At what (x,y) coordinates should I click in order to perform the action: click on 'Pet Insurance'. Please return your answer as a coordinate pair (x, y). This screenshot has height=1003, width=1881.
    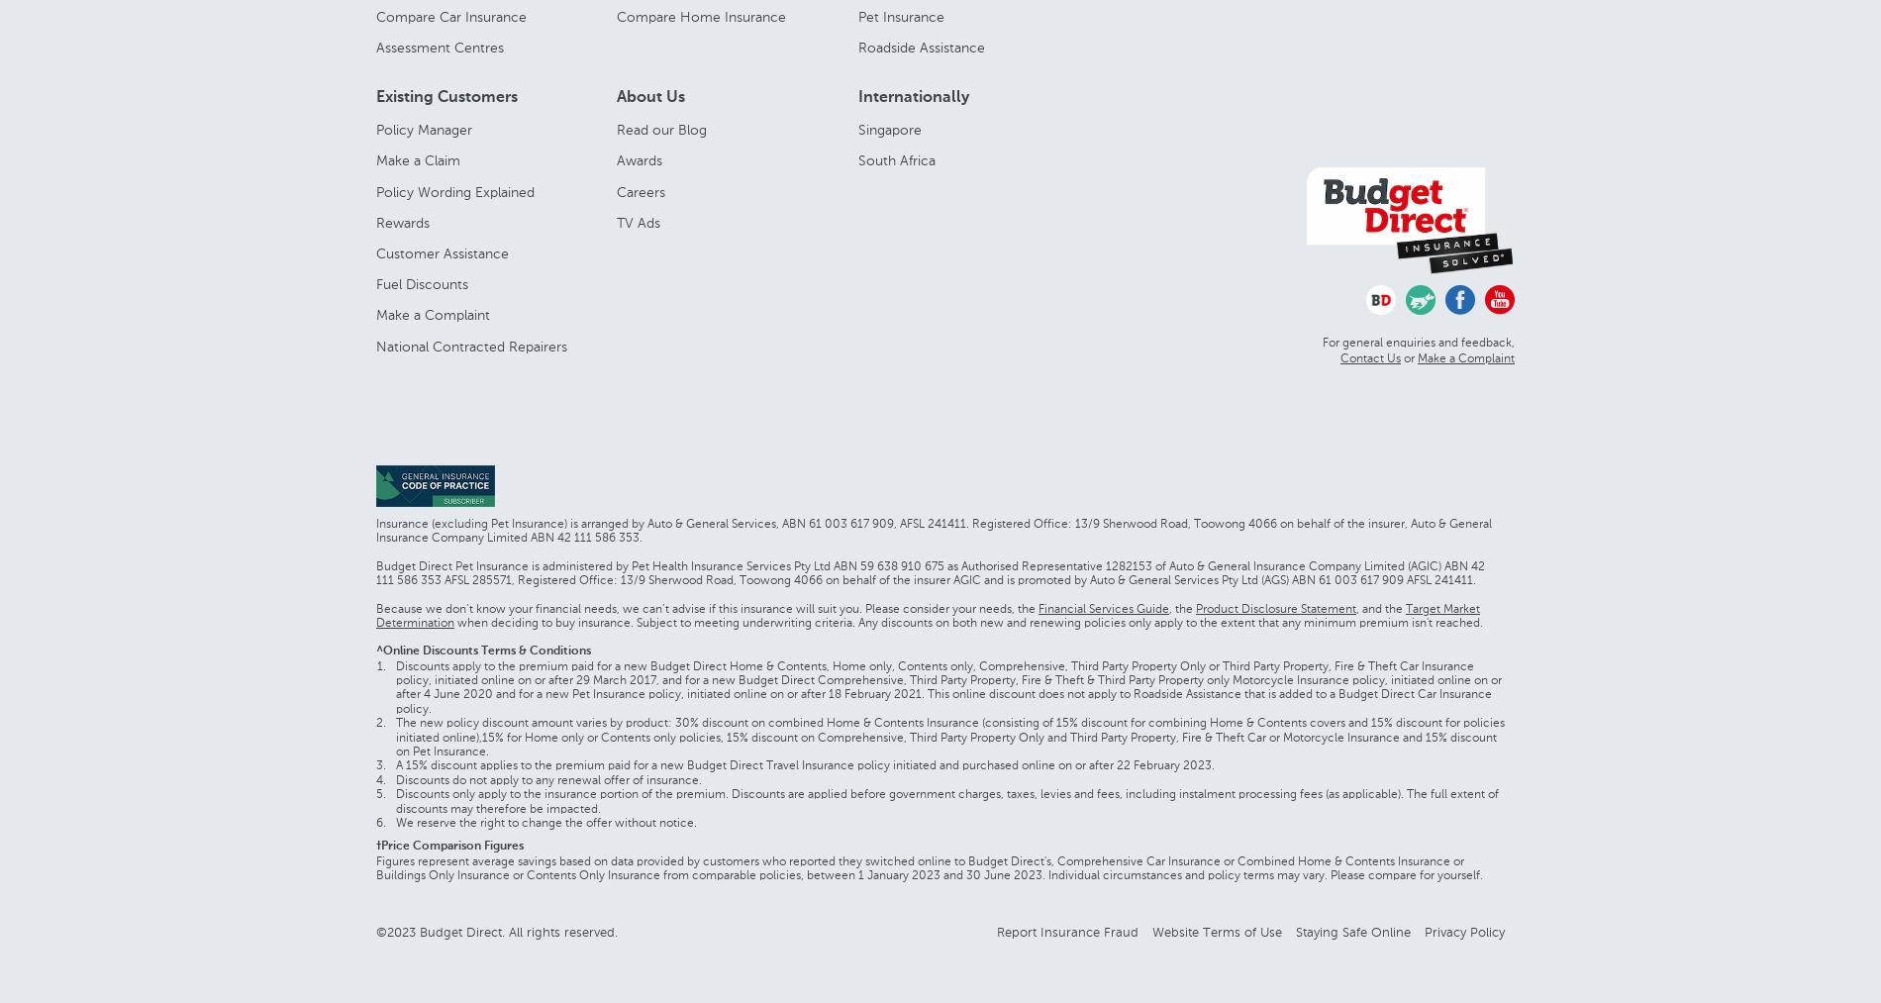
    Looking at the image, I should click on (899, 16).